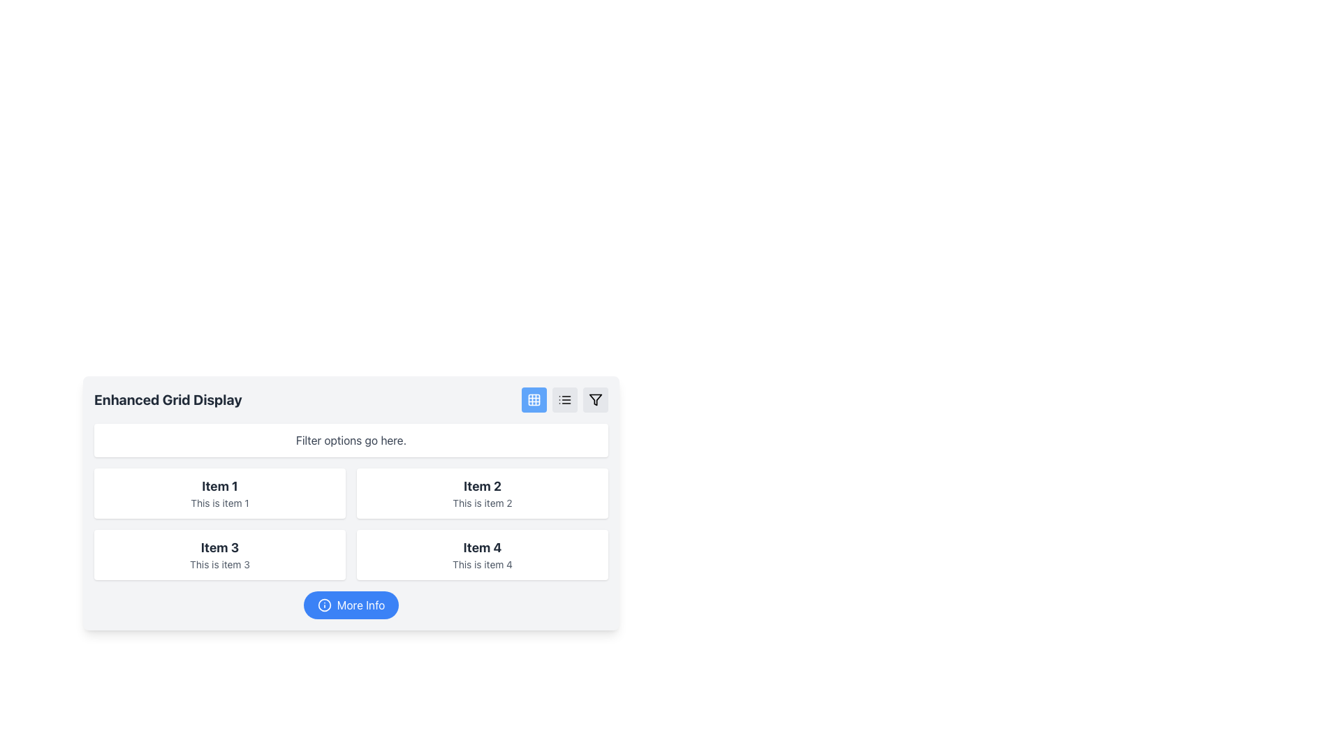 The image size is (1341, 754). I want to click on text from the Text Label located under the 'Item 3' title in the group box, positioned centrally in the bottom row of a 2x2 grid layout, so click(219, 564).